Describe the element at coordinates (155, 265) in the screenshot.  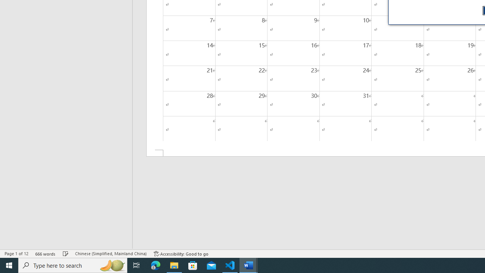
I see `'Microsoft Edge'` at that location.